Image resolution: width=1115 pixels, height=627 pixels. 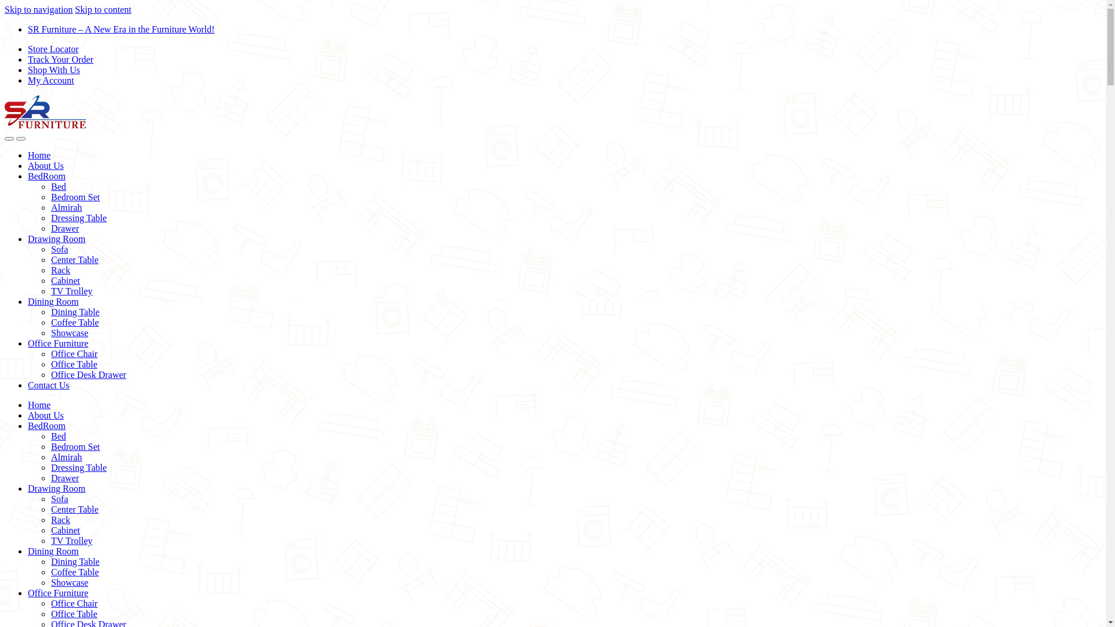 I want to click on 'Dining Table', so click(x=74, y=561).